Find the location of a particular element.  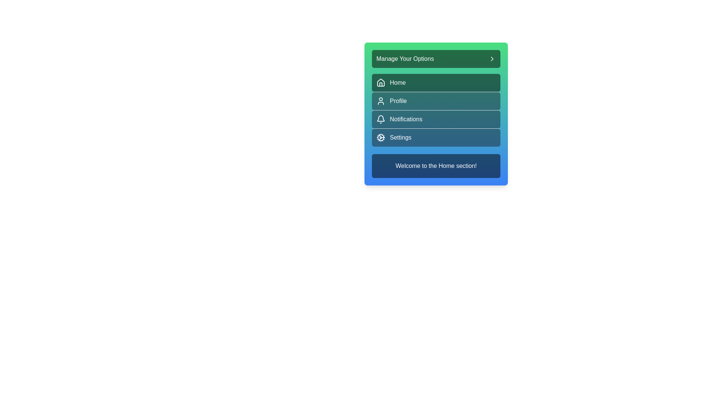

the chevron icon pointing to the right located in the top-right corner of the 'Manage Your Options' header bar is located at coordinates (492, 59).